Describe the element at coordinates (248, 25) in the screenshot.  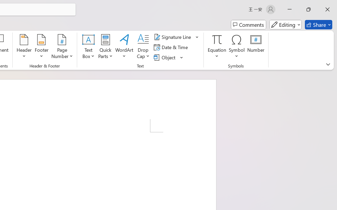
I see `'Comments'` at that location.